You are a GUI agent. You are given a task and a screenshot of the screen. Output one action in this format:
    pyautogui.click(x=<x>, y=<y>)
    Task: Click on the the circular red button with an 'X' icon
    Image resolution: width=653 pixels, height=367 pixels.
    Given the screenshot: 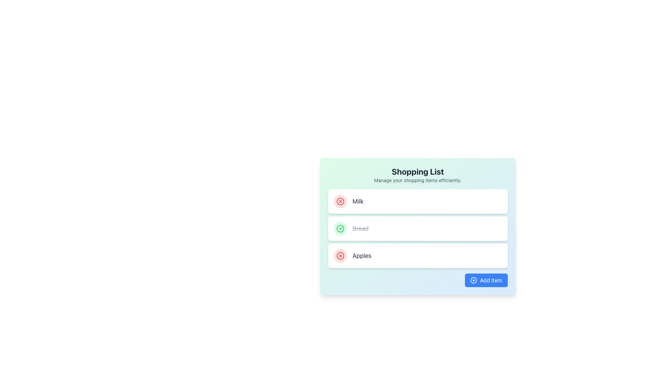 What is the action you would take?
    pyautogui.click(x=340, y=256)
    